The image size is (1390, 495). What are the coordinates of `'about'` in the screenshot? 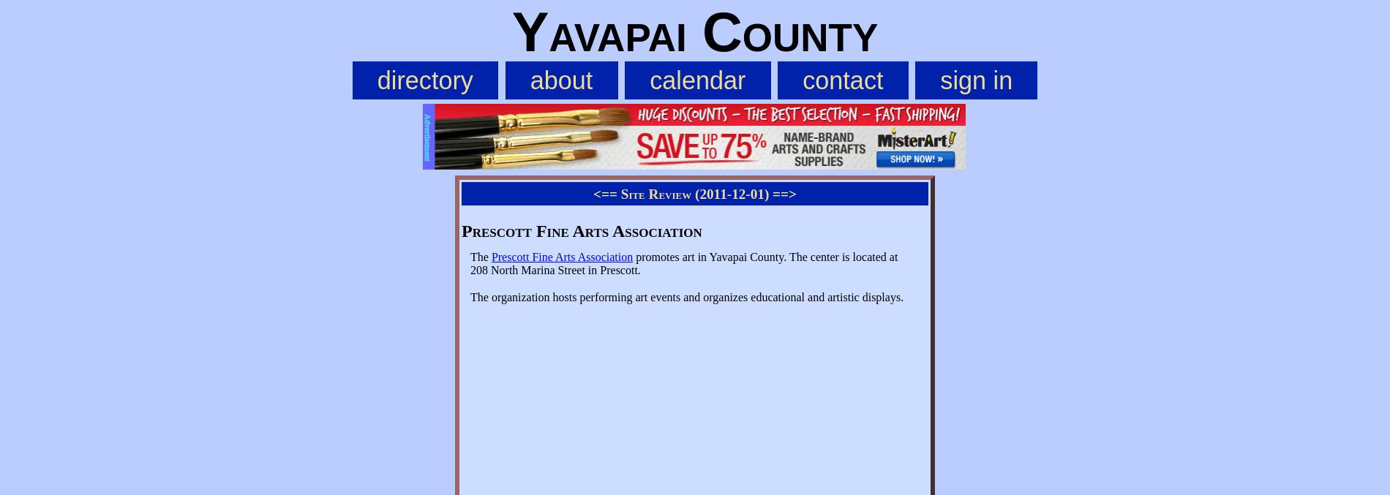 It's located at (560, 80).